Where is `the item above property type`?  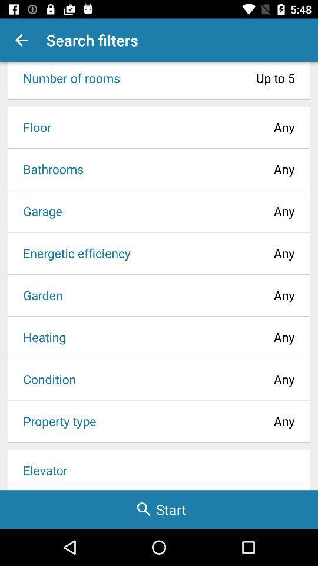
the item above property type is located at coordinates (45, 379).